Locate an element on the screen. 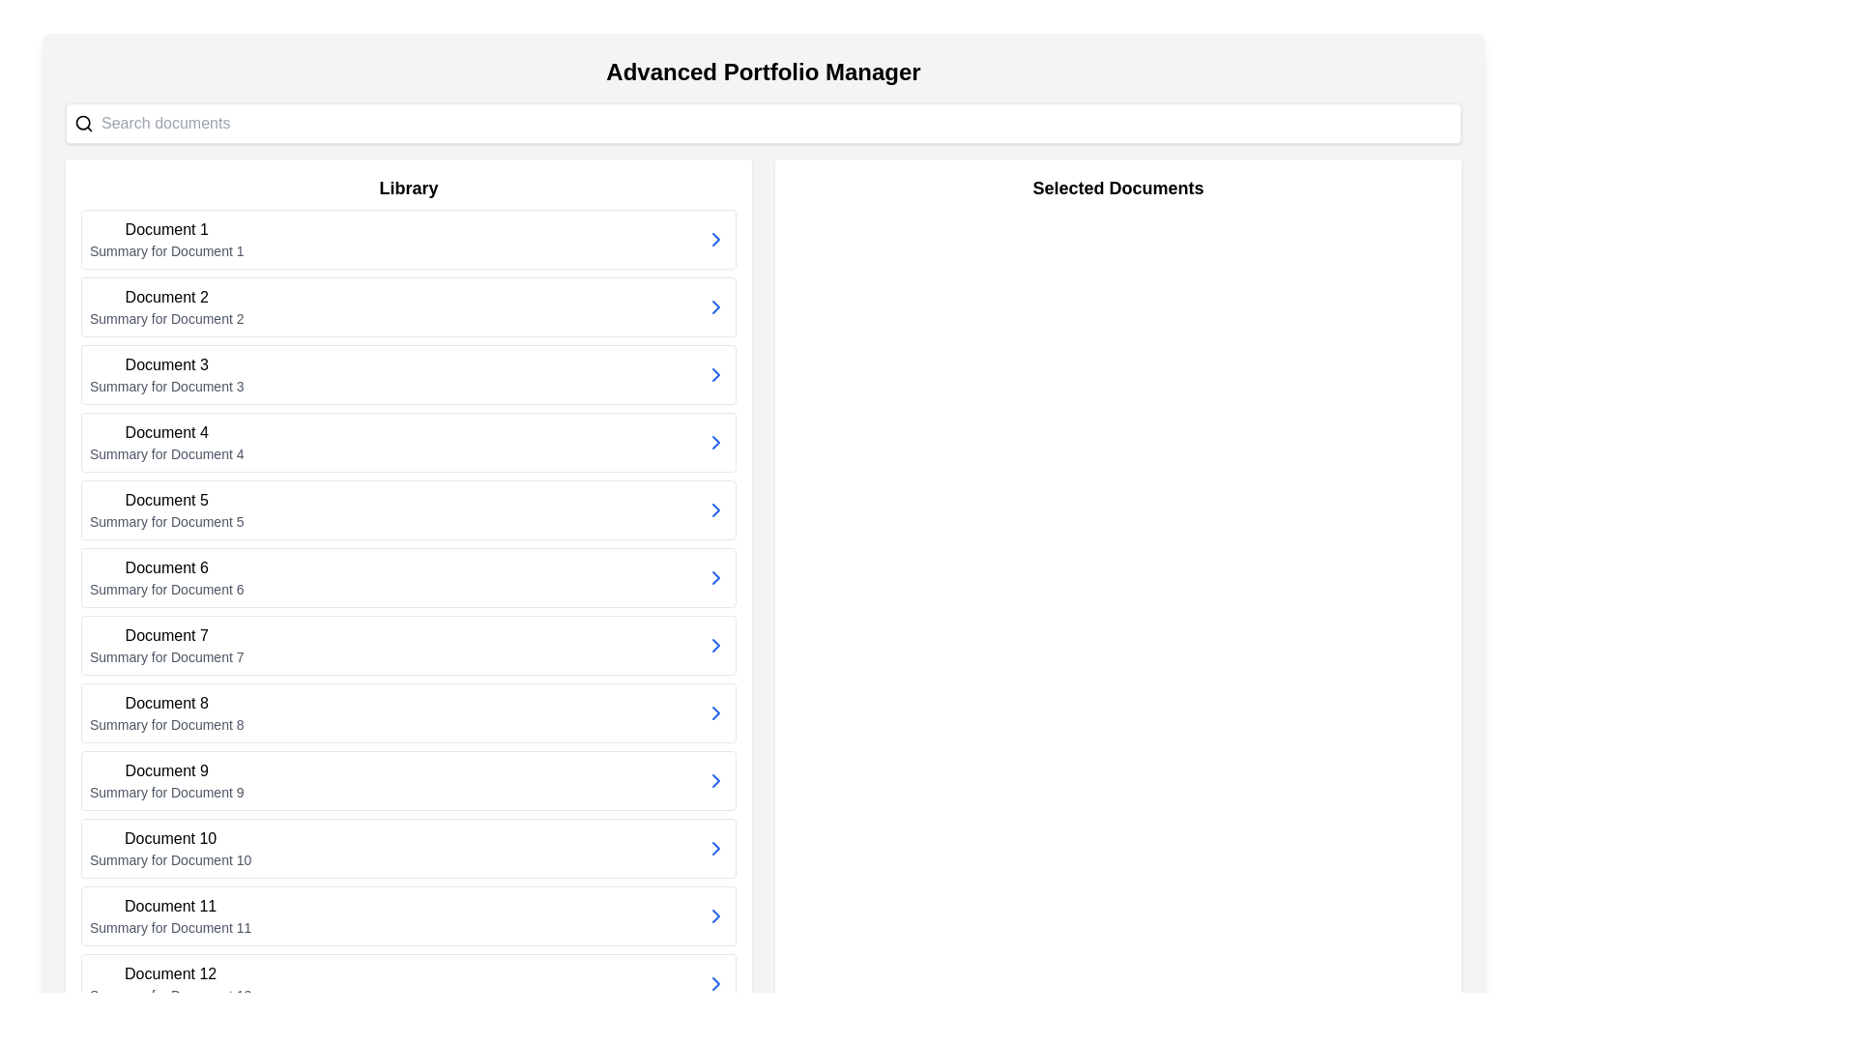 This screenshot has width=1856, height=1044. the chevron icon button for 'Document 12' is located at coordinates (714, 984).